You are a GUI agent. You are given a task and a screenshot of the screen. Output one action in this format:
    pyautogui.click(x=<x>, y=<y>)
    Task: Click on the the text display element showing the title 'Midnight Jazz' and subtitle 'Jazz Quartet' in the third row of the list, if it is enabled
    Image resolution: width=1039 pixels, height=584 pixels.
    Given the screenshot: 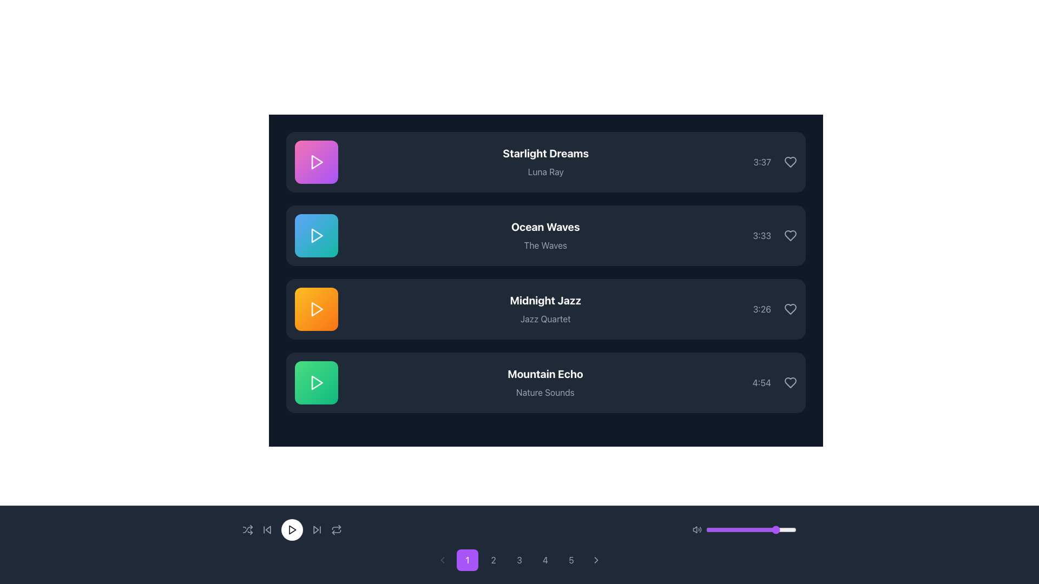 What is the action you would take?
    pyautogui.click(x=545, y=309)
    